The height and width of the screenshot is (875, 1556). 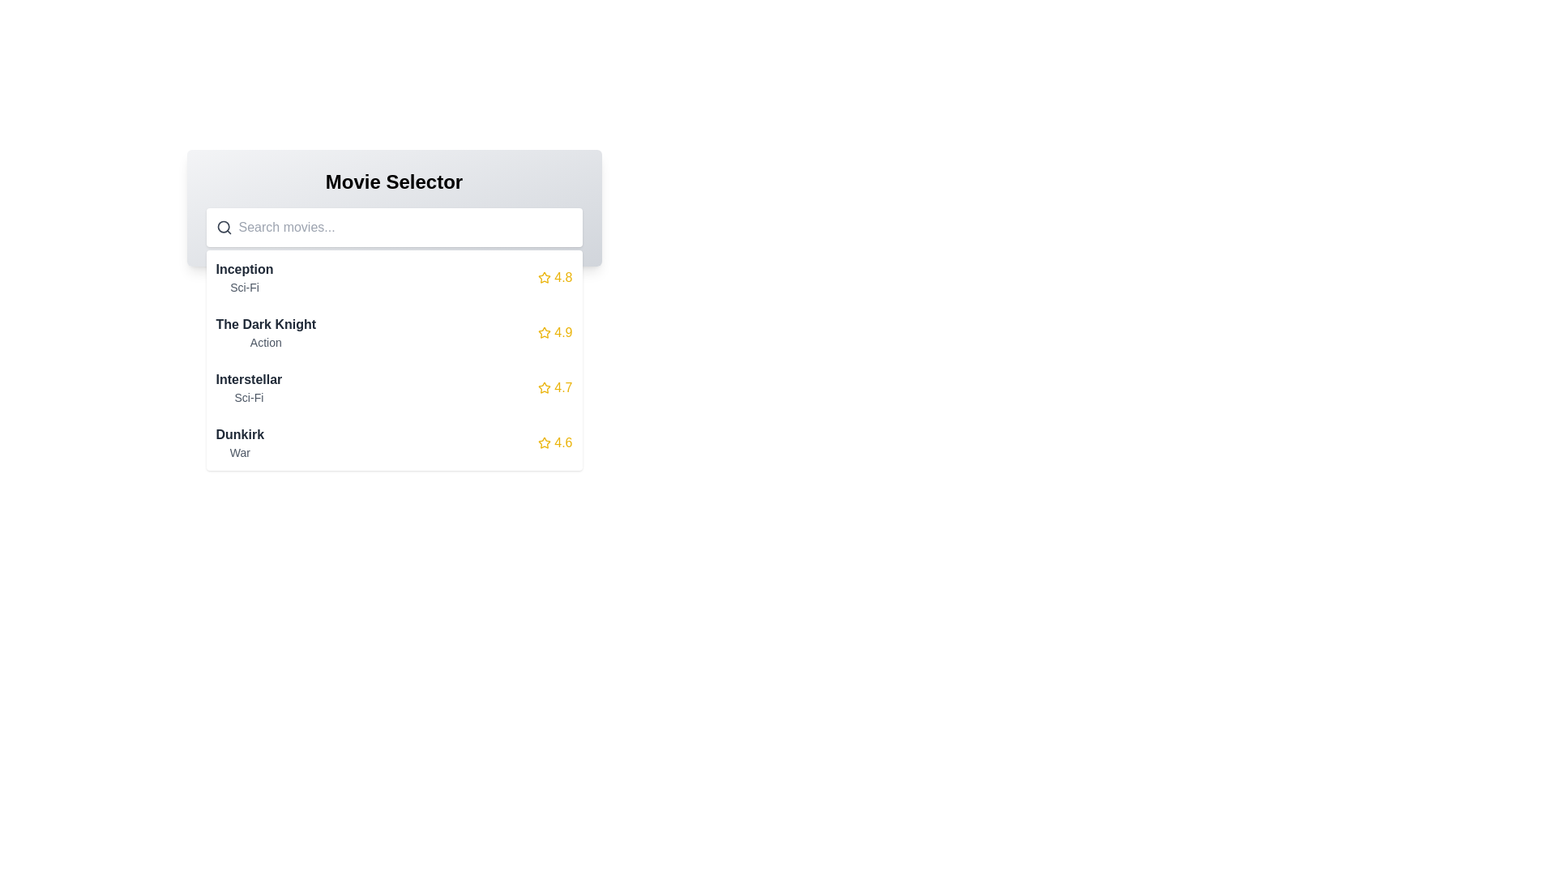 What do you see at coordinates (555, 332) in the screenshot?
I see `contents of the rating element displaying '4.9' with a star icon, located in the rightmost section of the row for the movie 'The Dark Knight'` at bounding box center [555, 332].